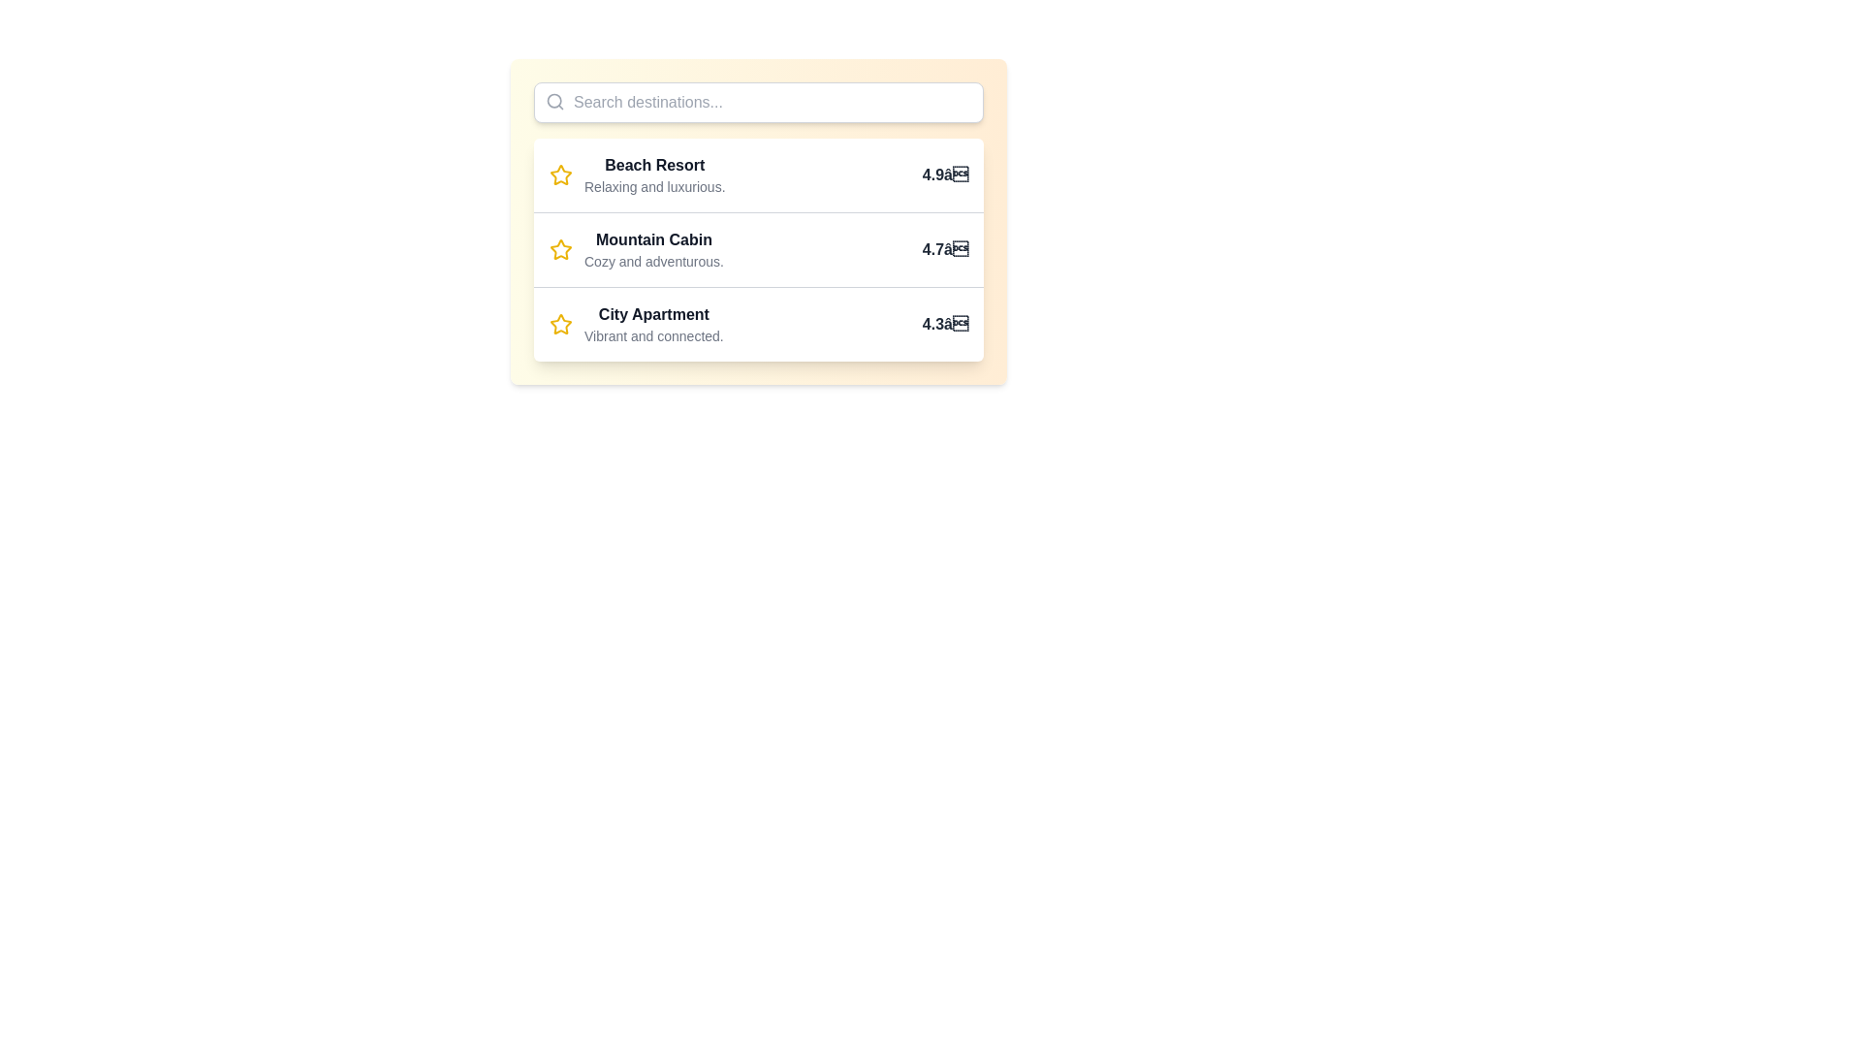 This screenshot has height=1047, width=1861. What do you see at coordinates (653, 335) in the screenshot?
I see `the descriptive text label that provides additional information related to the 'City Apartment' listing, located below the main heading and above a horizontal separator` at bounding box center [653, 335].